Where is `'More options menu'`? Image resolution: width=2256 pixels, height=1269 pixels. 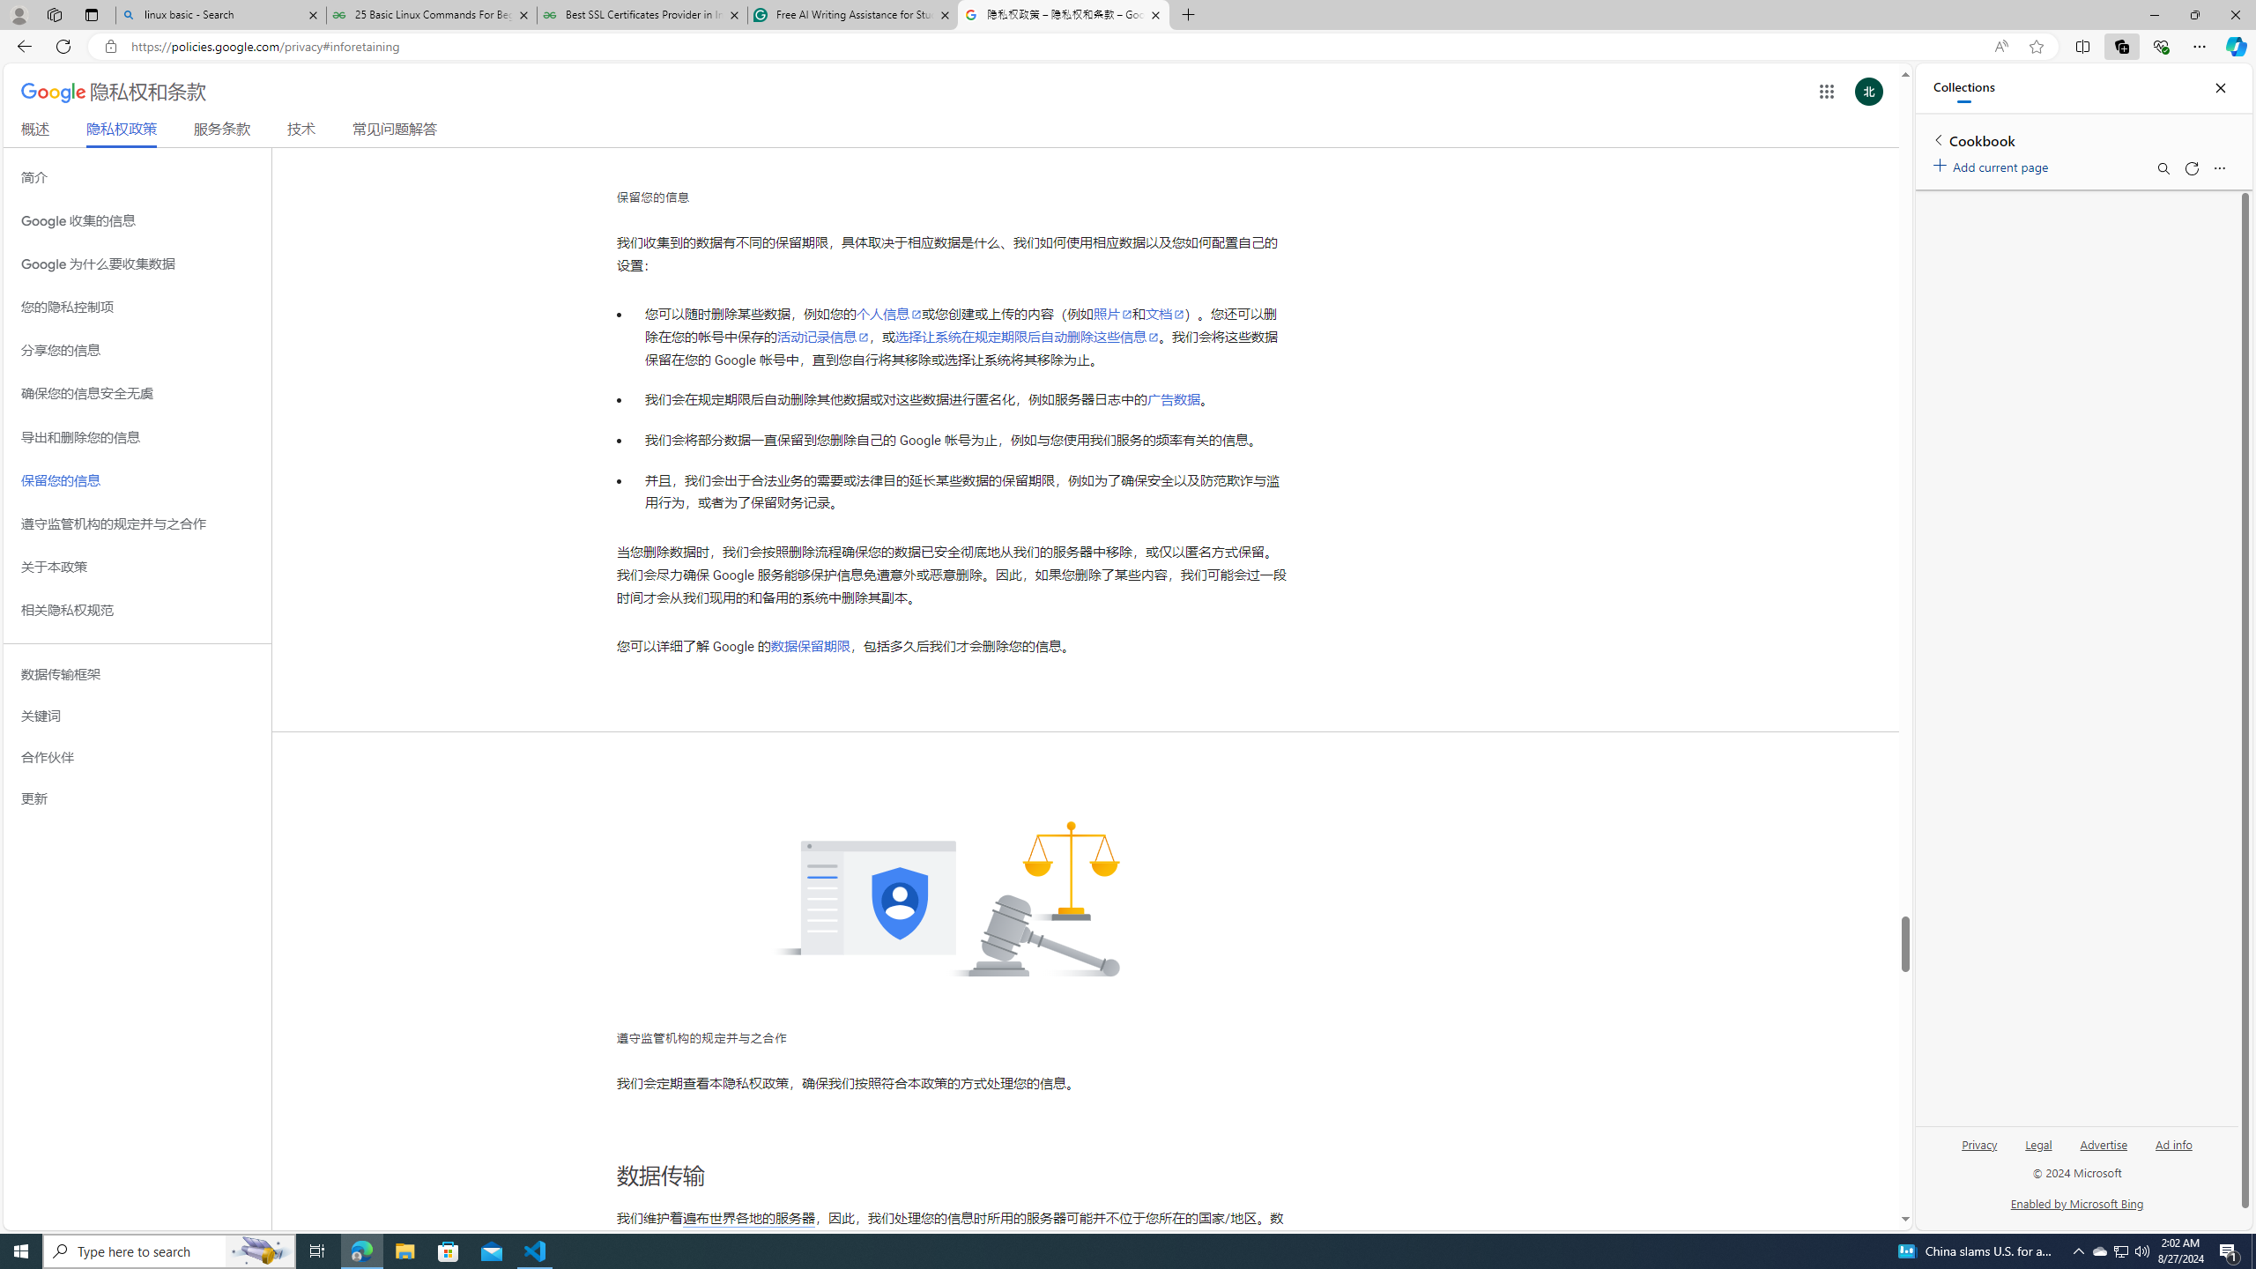
'More options menu' is located at coordinates (2220, 168).